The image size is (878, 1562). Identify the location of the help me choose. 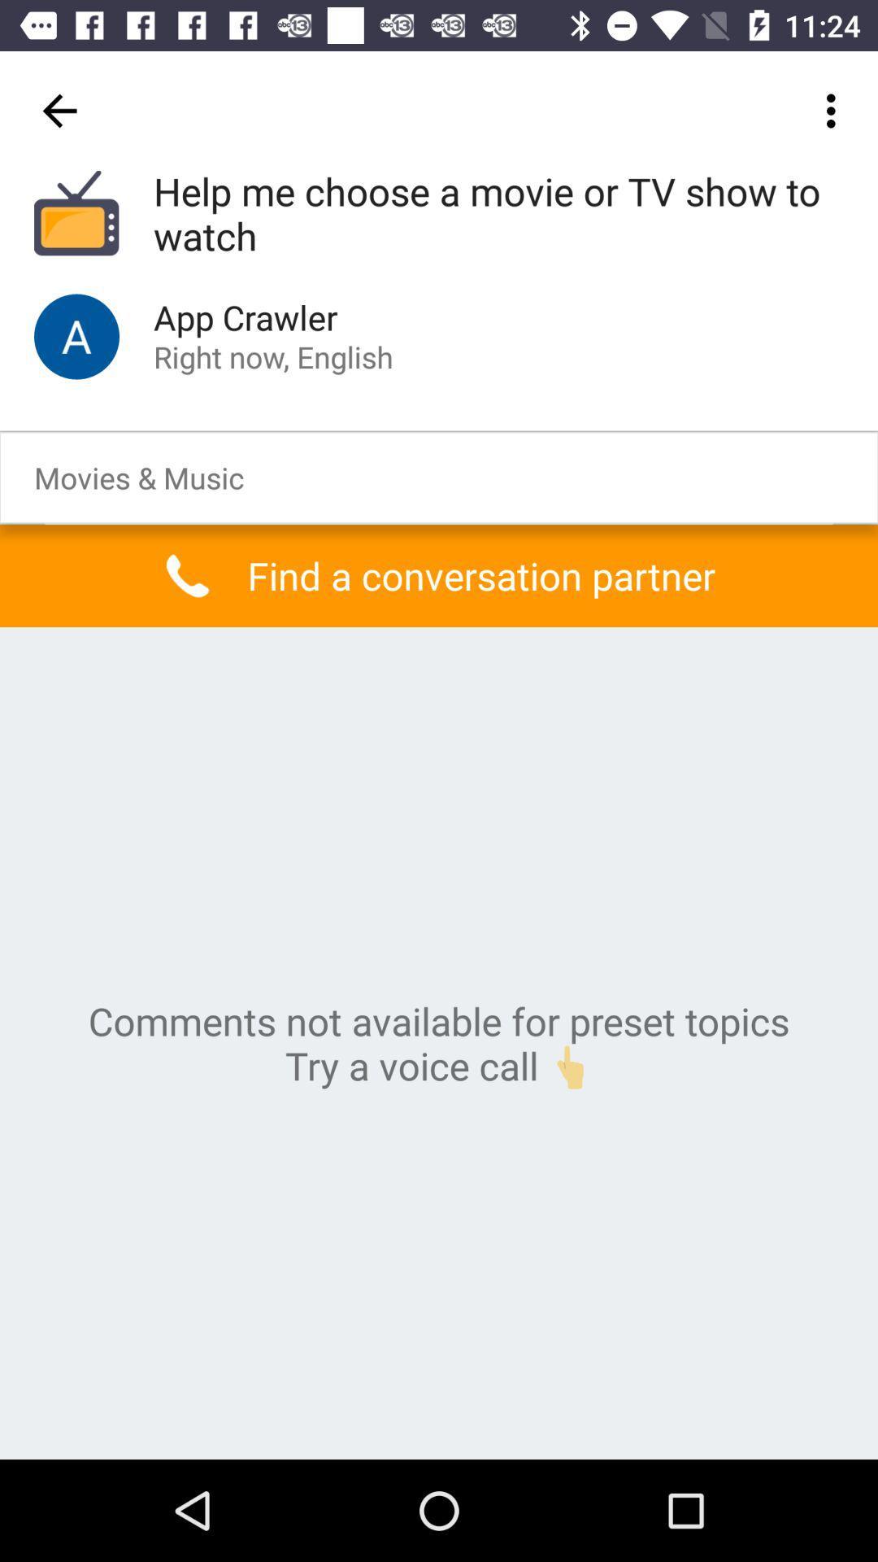
(498, 214).